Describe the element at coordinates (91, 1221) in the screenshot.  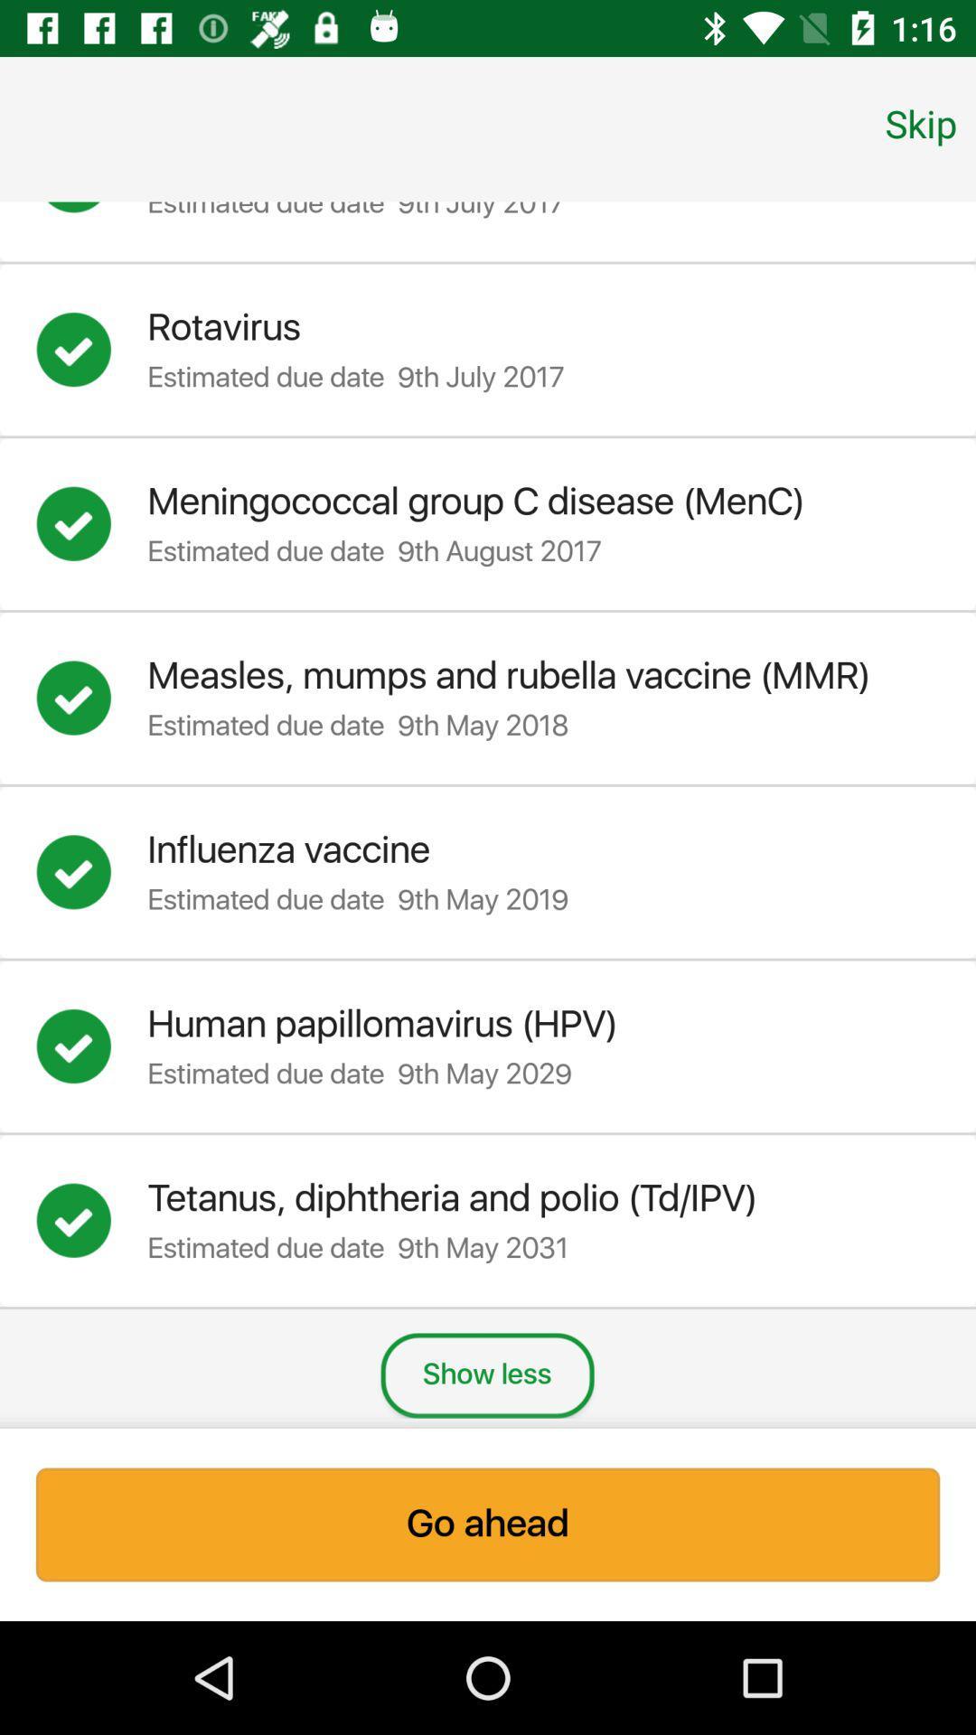
I see `deselect` at that location.